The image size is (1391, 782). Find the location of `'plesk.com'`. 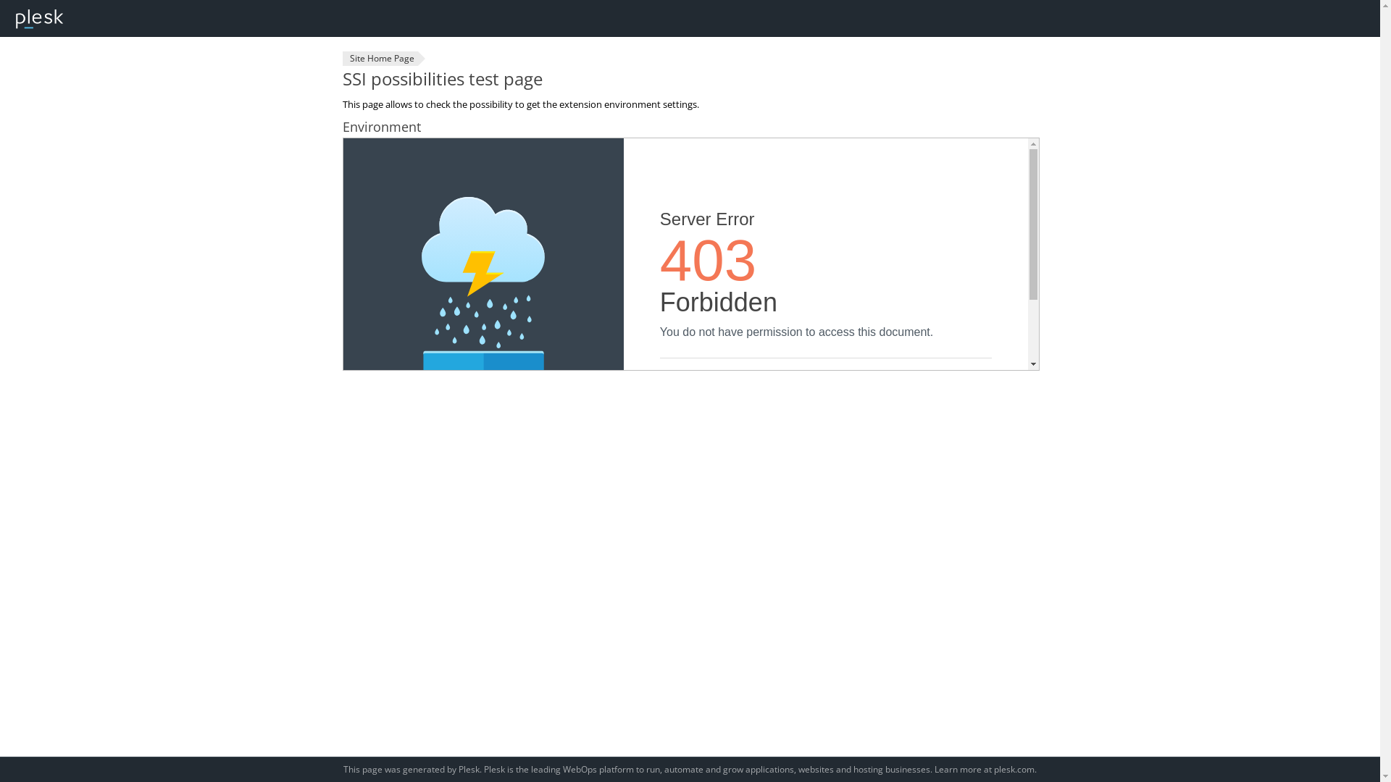

'plesk.com' is located at coordinates (1014, 768).